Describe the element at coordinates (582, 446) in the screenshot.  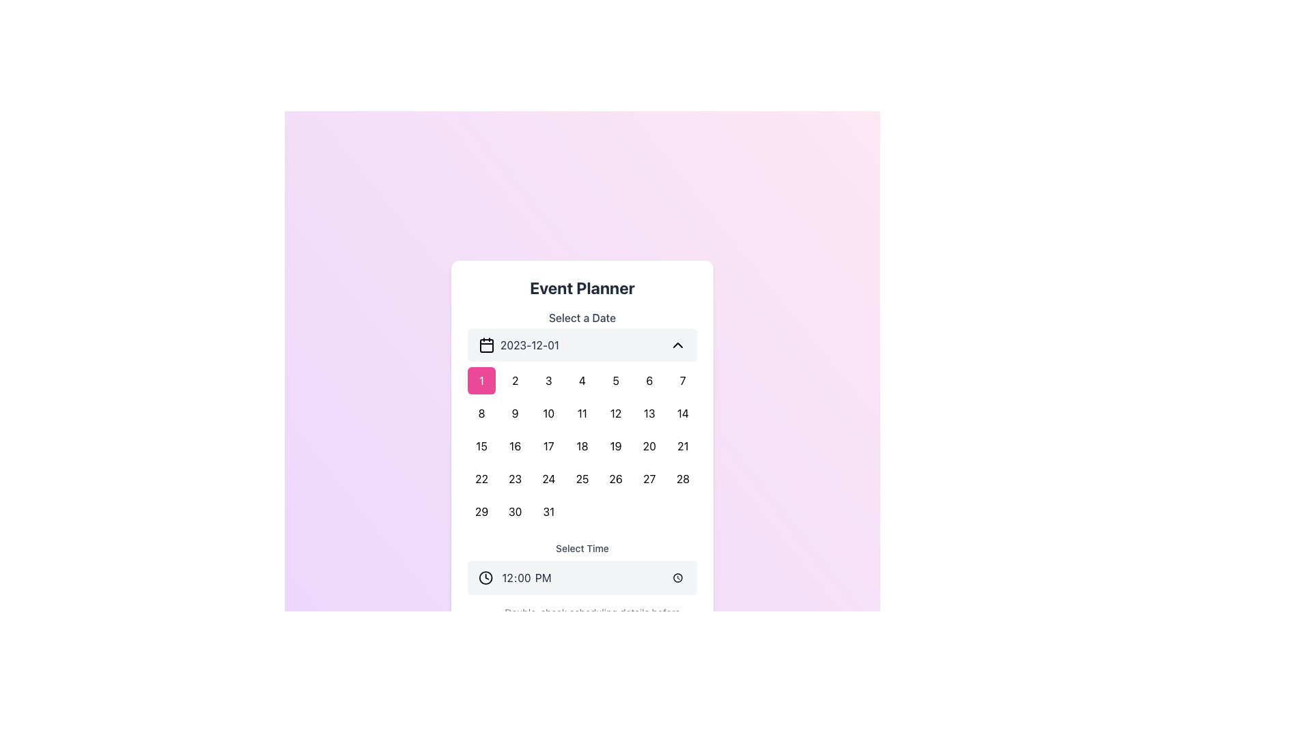
I see `the rectangular button displaying the text '18' in the calendar grid` at that location.